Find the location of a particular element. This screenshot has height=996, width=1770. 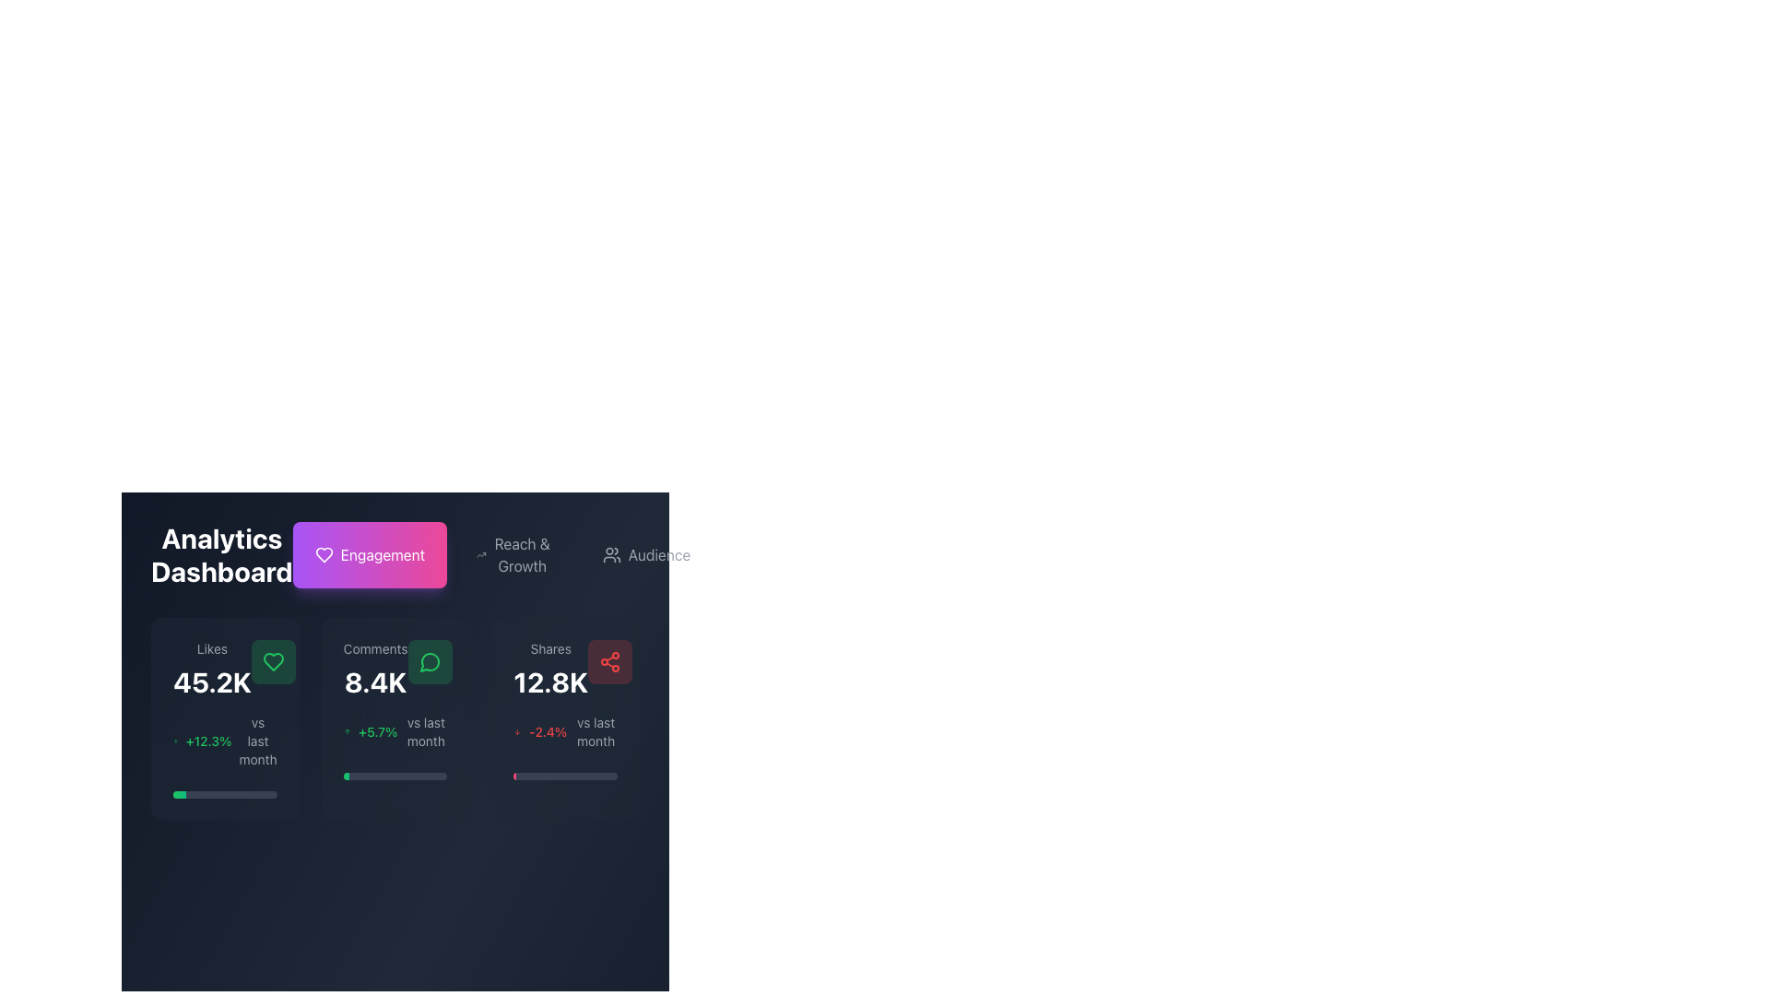

the Information Display Component that shows the number of likes, which includes the text label 'Likes' and a heart icon, located in the top-left section of the first card in the series is located at coordinates (224, 669).